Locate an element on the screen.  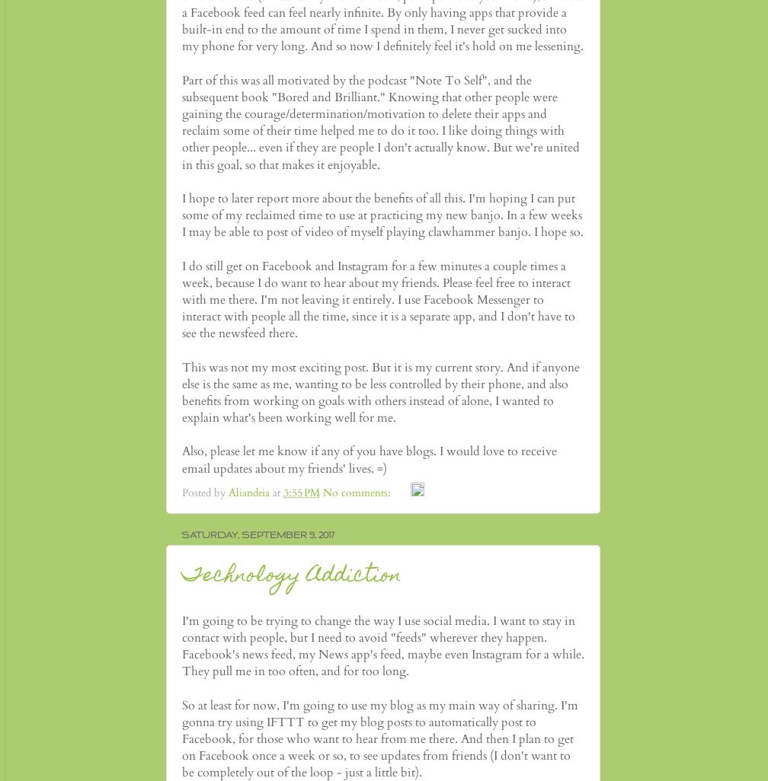
'3:55 PM' is located at coordinates (302, 493).